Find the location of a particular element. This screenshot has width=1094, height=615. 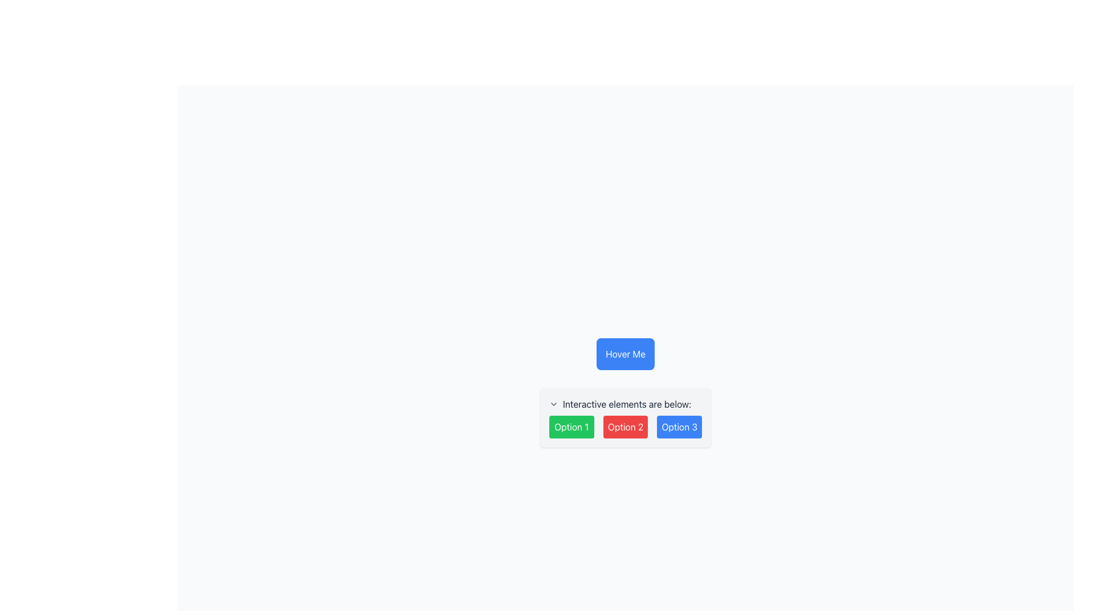

the first button labeled 'Option 1' is located at coordinates (572, 427).